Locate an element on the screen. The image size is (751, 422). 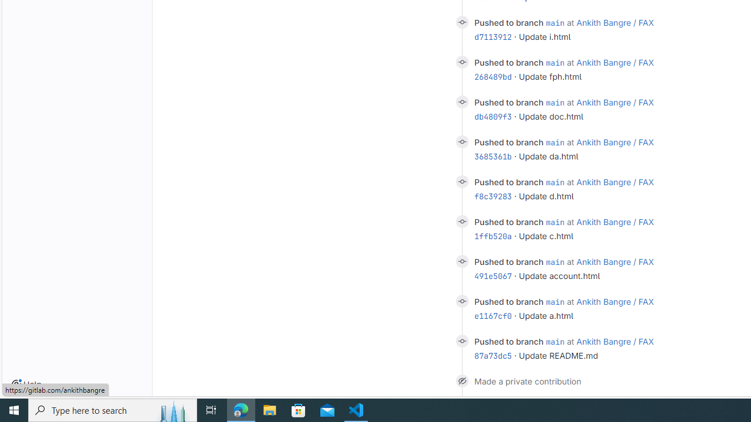
'f8c39283' is located at coordinates (493, 196).